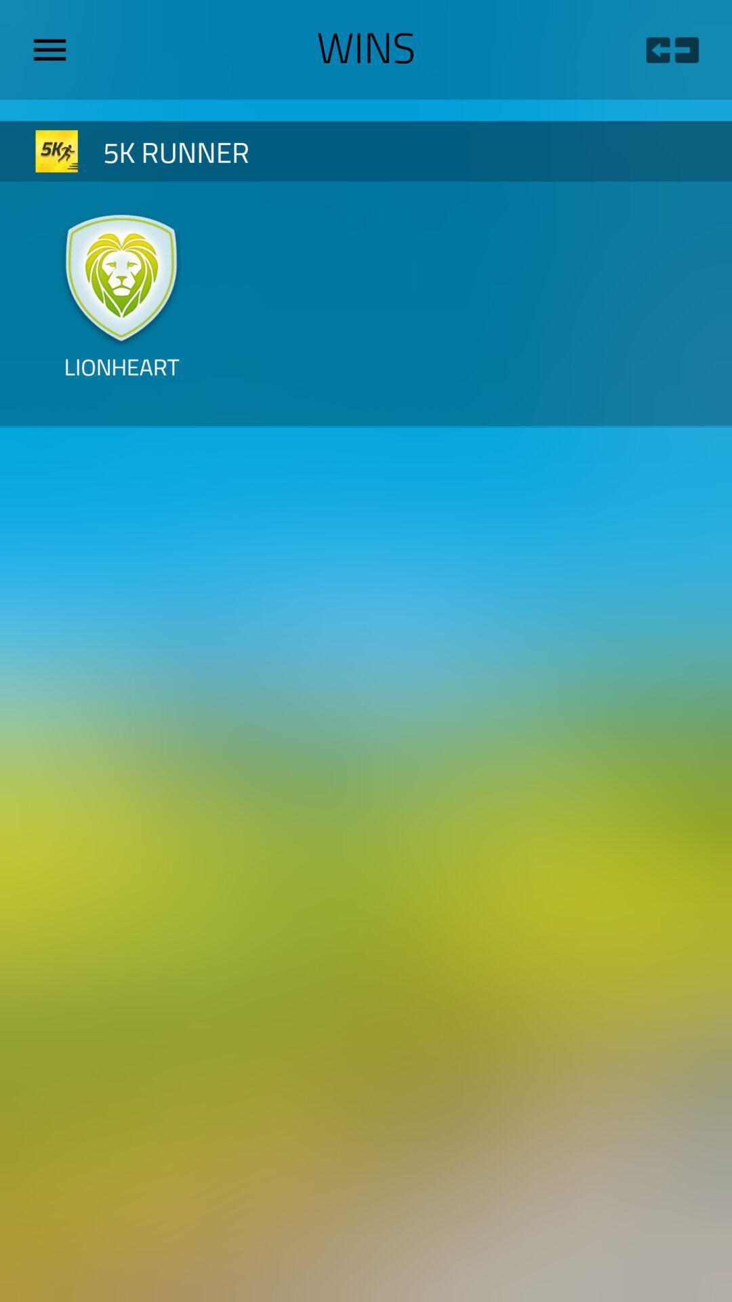 The image size is (732, 1302). What do you see at coordinates (54, 50) in the screenshot?
I see `the item next to the wins icon` at bounding box center [54, 50].